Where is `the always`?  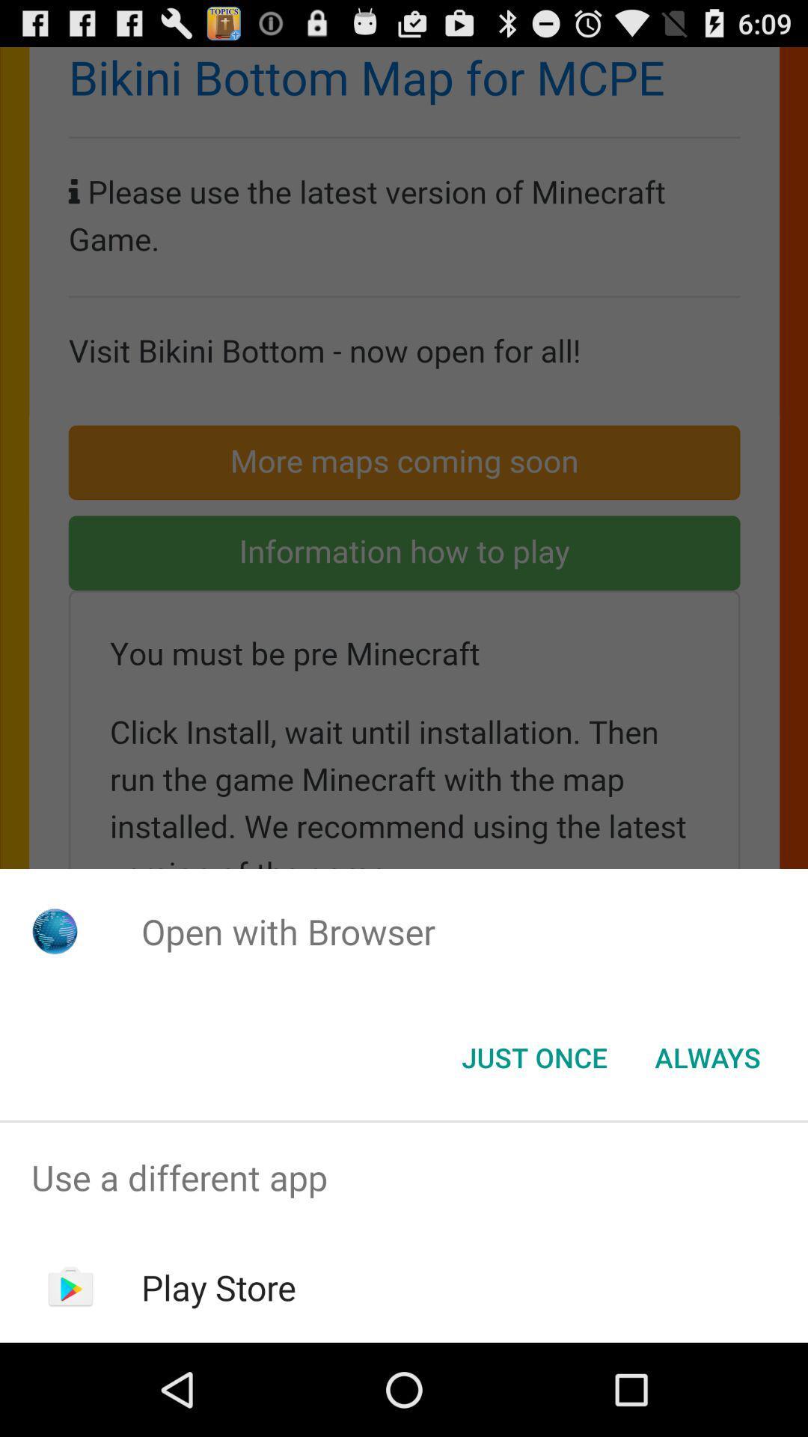
the always is located at coordinates (707, 1056).